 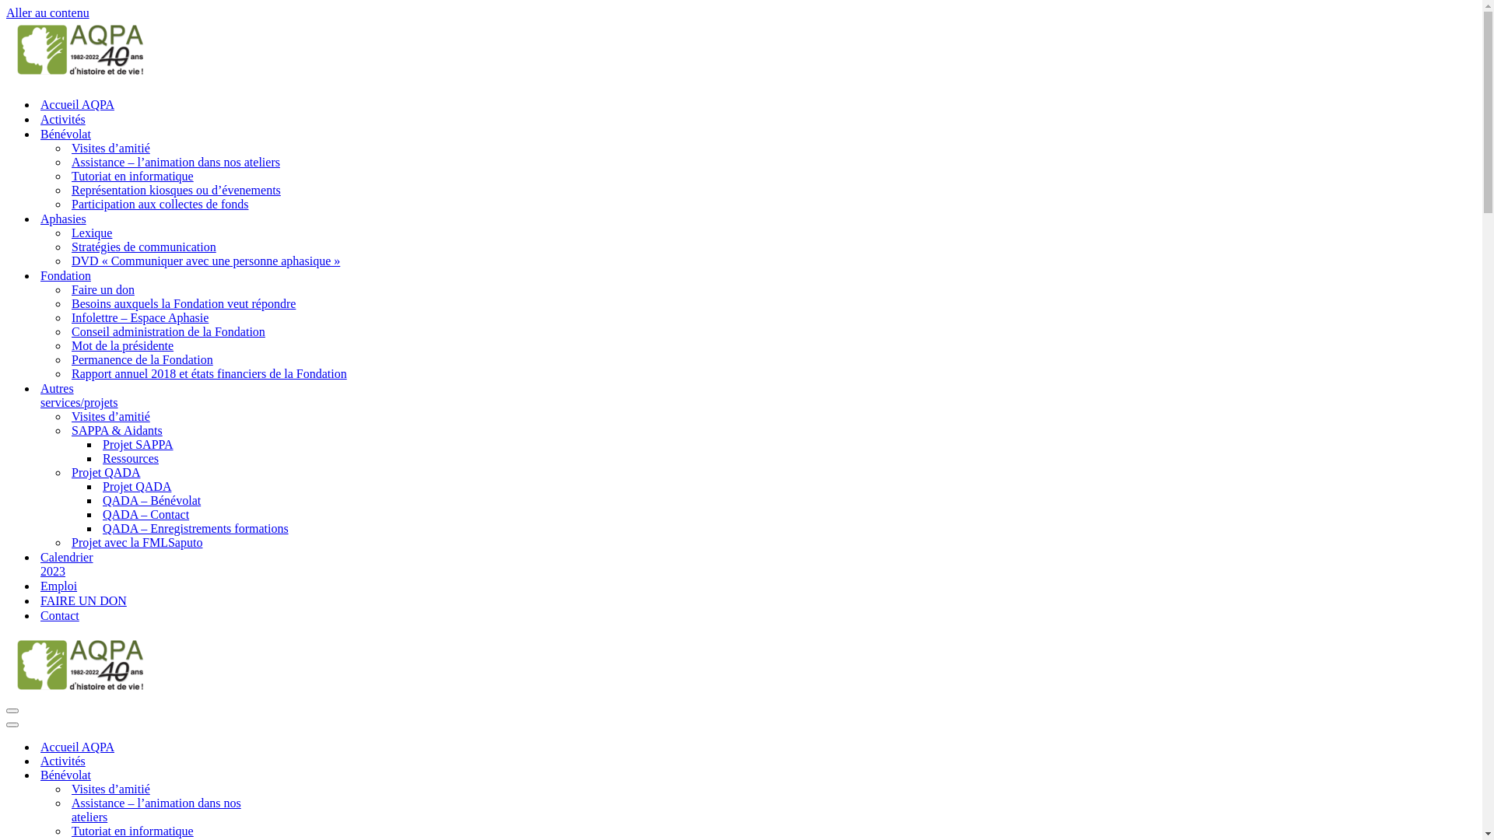 I want to click on 'Aphasies', so click(x=62, y=219).